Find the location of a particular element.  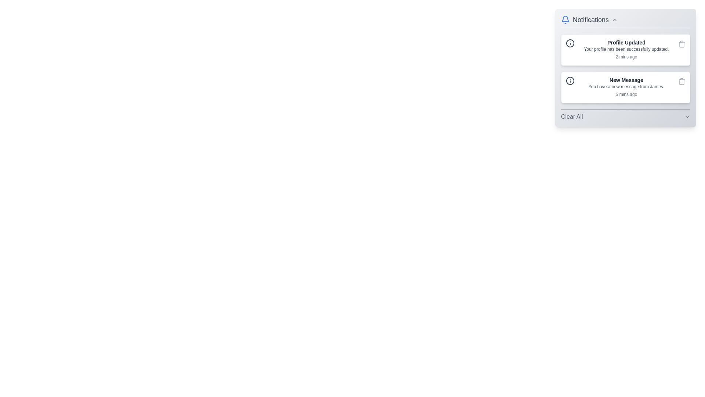

the 'Clear All' button to clear all notifications is located at coordinates (571, 116).